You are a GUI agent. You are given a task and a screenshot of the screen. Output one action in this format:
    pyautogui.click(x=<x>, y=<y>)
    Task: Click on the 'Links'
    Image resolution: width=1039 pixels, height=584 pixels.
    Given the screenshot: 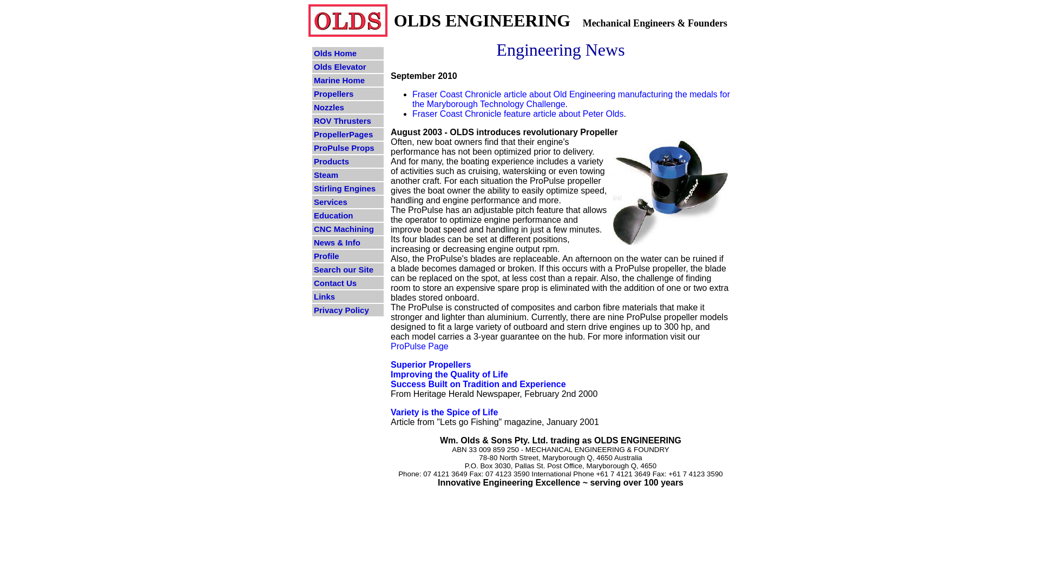 What is the action you would take?
    pyautogui.click(x=348, y=296)
    